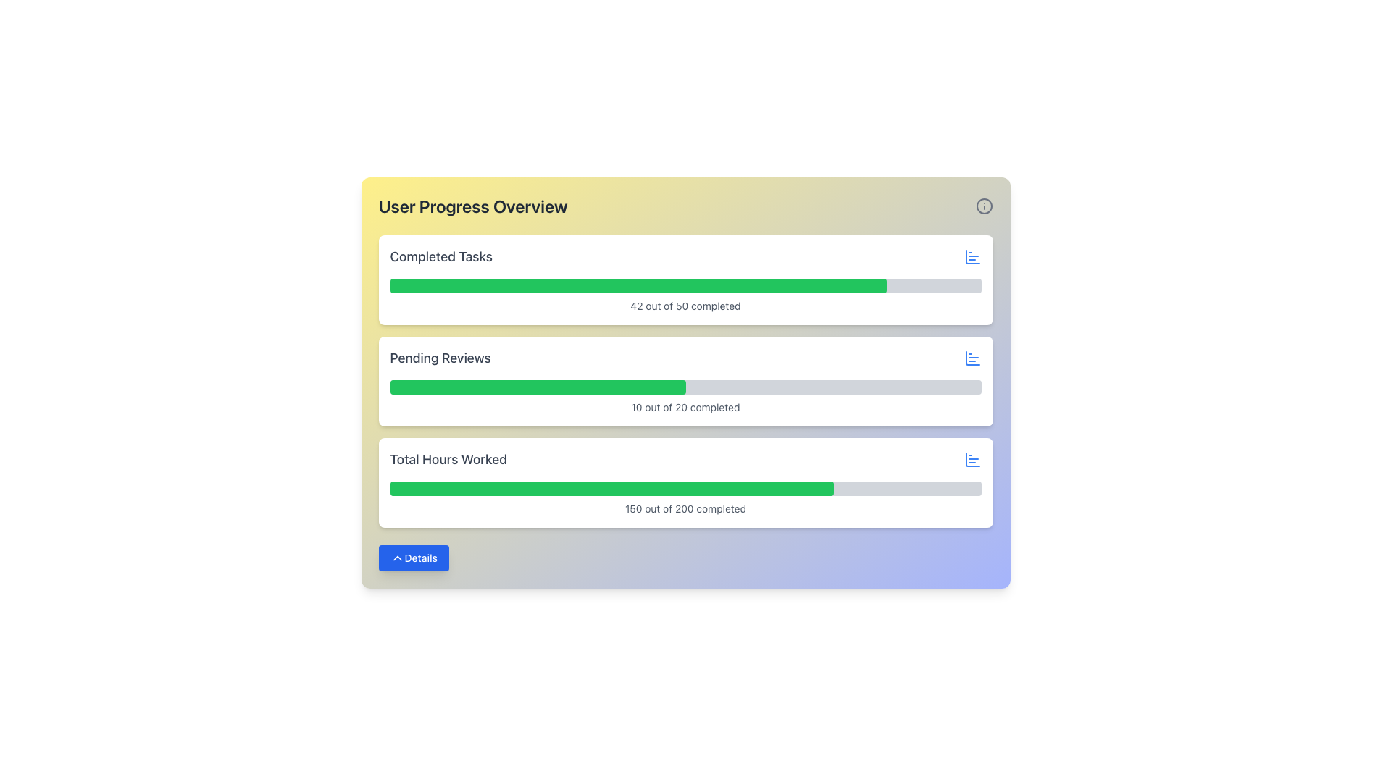 This screenshot has height=782, width=1391. Describe the element at coordinates (611, 489) in the screenshot. I see `the inner section of the third progress bar, which visually indicates that 75% of the task is complete, located below the 'Total Hours Worked' label` at that location.